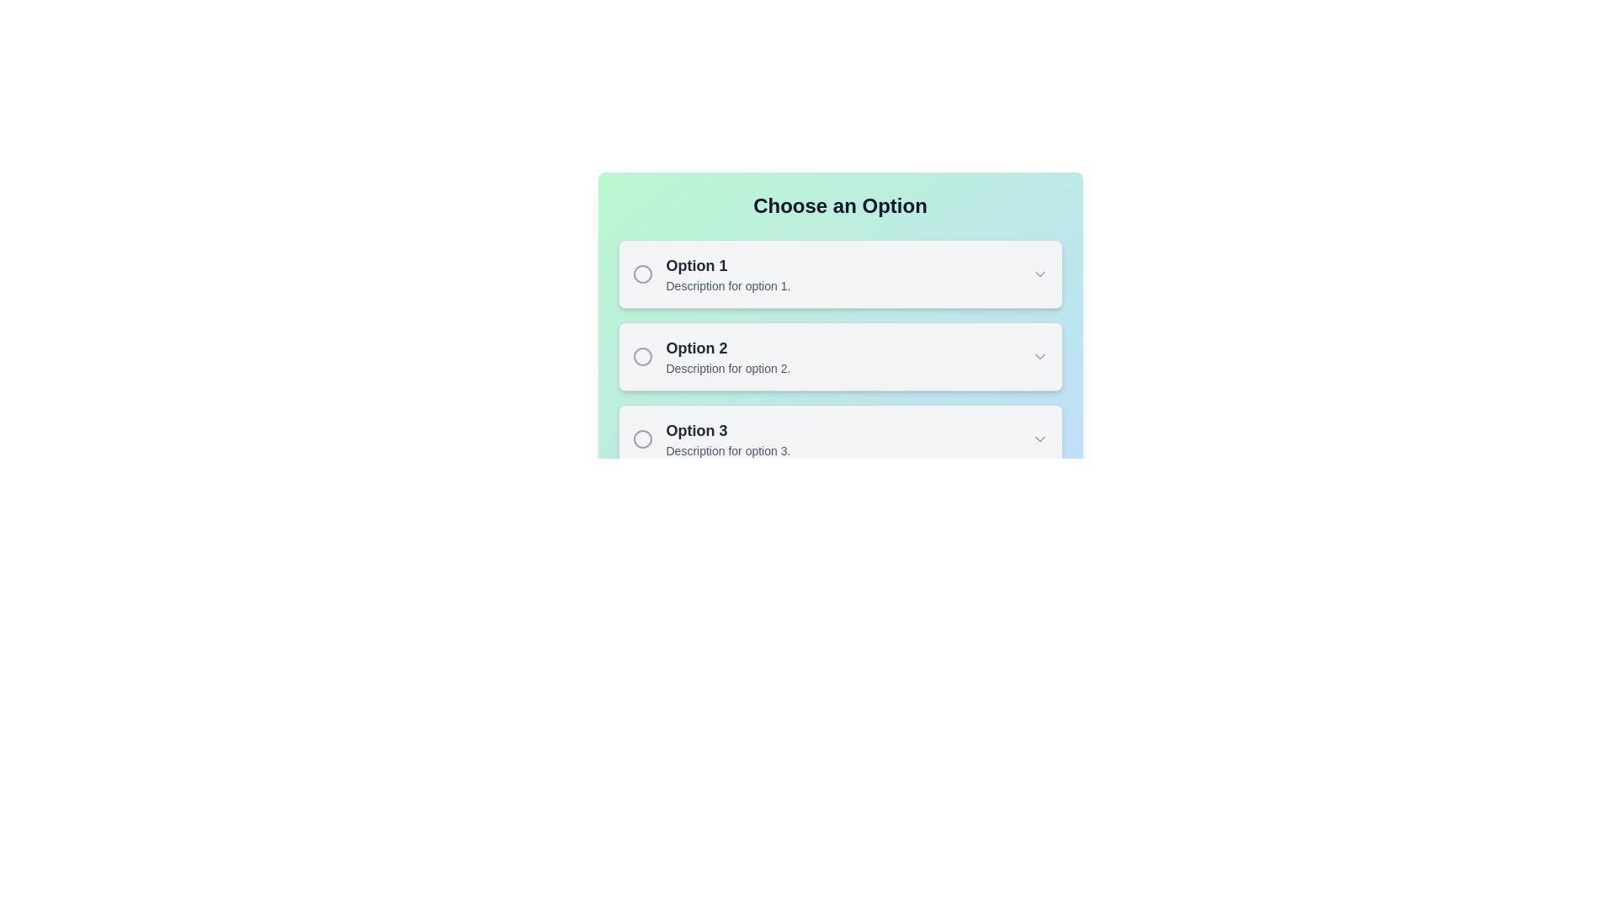 This screenshot has height=909, width=1616. What do you see at coordinates (641, 438) in the screenshot?
I see `the radio button for 'Option 3'` at bounding box center [641, 438].